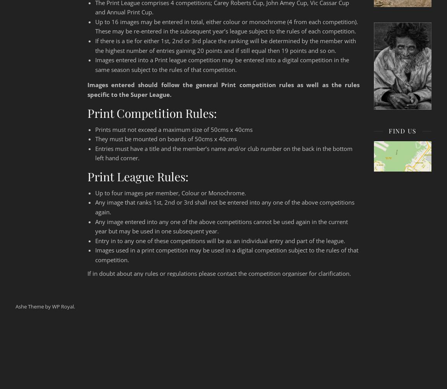 This screenshot has width=447, height=389. What do you see at coordinates (94, 226) in the screenshot?
I see `'Any image entered into any one of the above competitions cannot be used again in the current year but may be used in one subsequent year.'` at bounding box center [94, 226].